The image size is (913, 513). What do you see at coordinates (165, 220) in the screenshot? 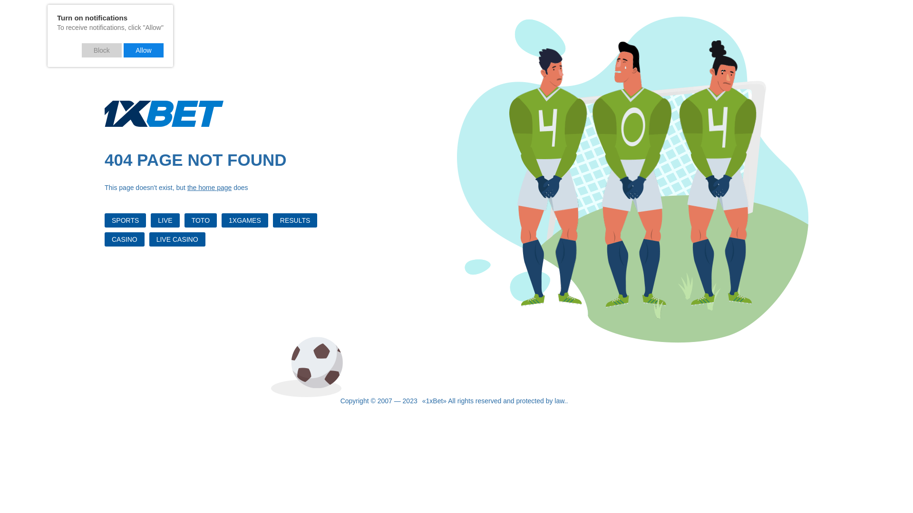
I see `'LIVE'` at bounding box center [165, 220].